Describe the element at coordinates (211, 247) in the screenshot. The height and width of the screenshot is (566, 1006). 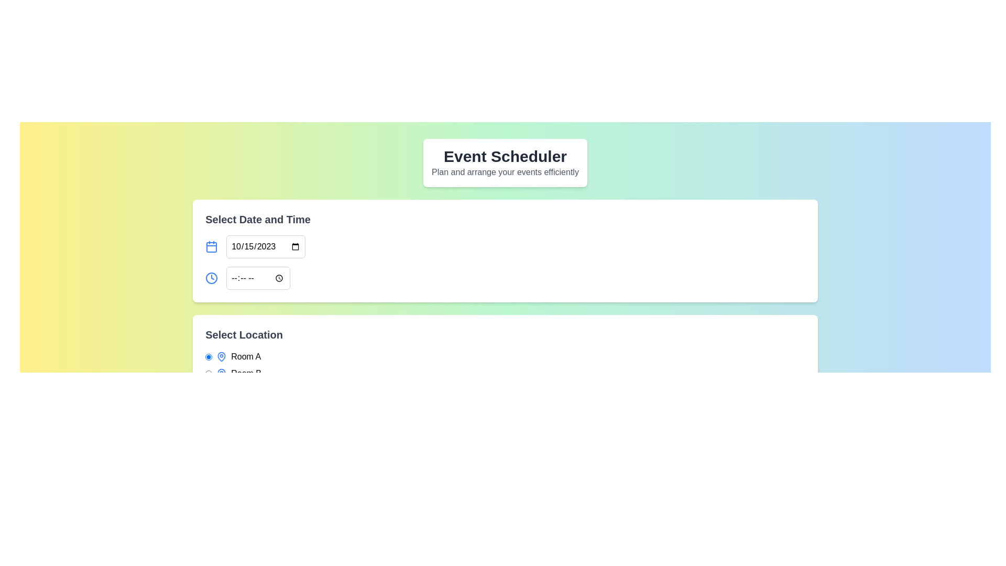
I see `the calendar icon component, which symbolizes date selection, located at the center of the larger calendar icon` at that location.